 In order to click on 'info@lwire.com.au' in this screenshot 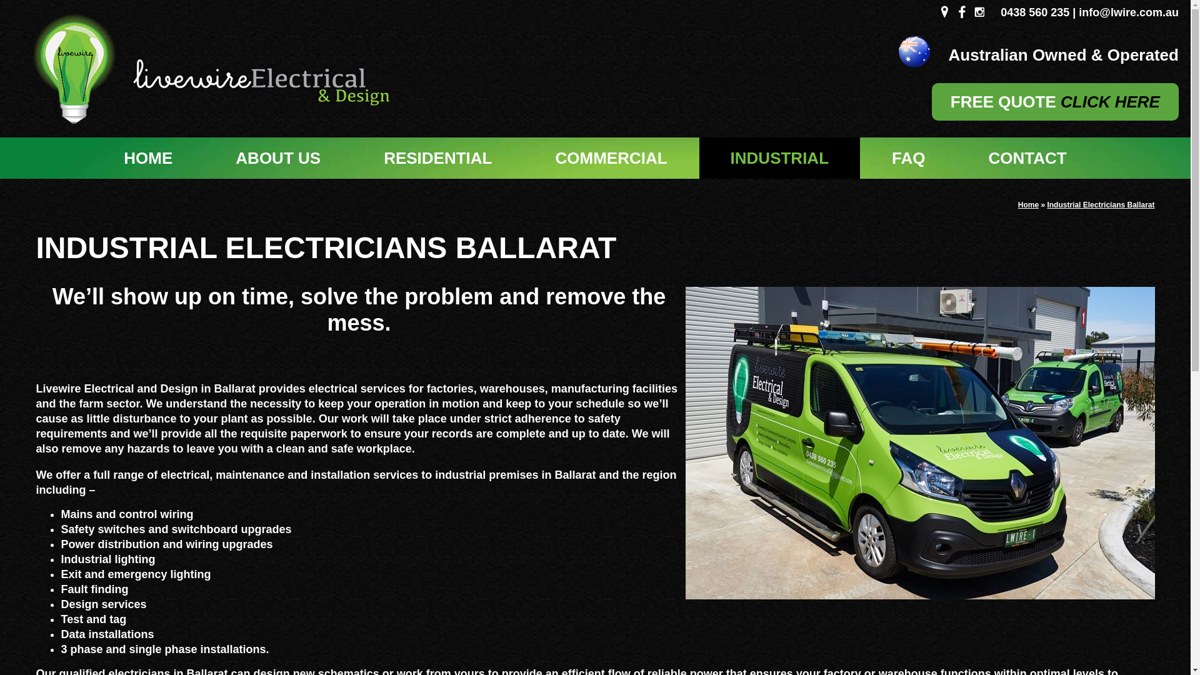, I will do `click(1128, 12)`.